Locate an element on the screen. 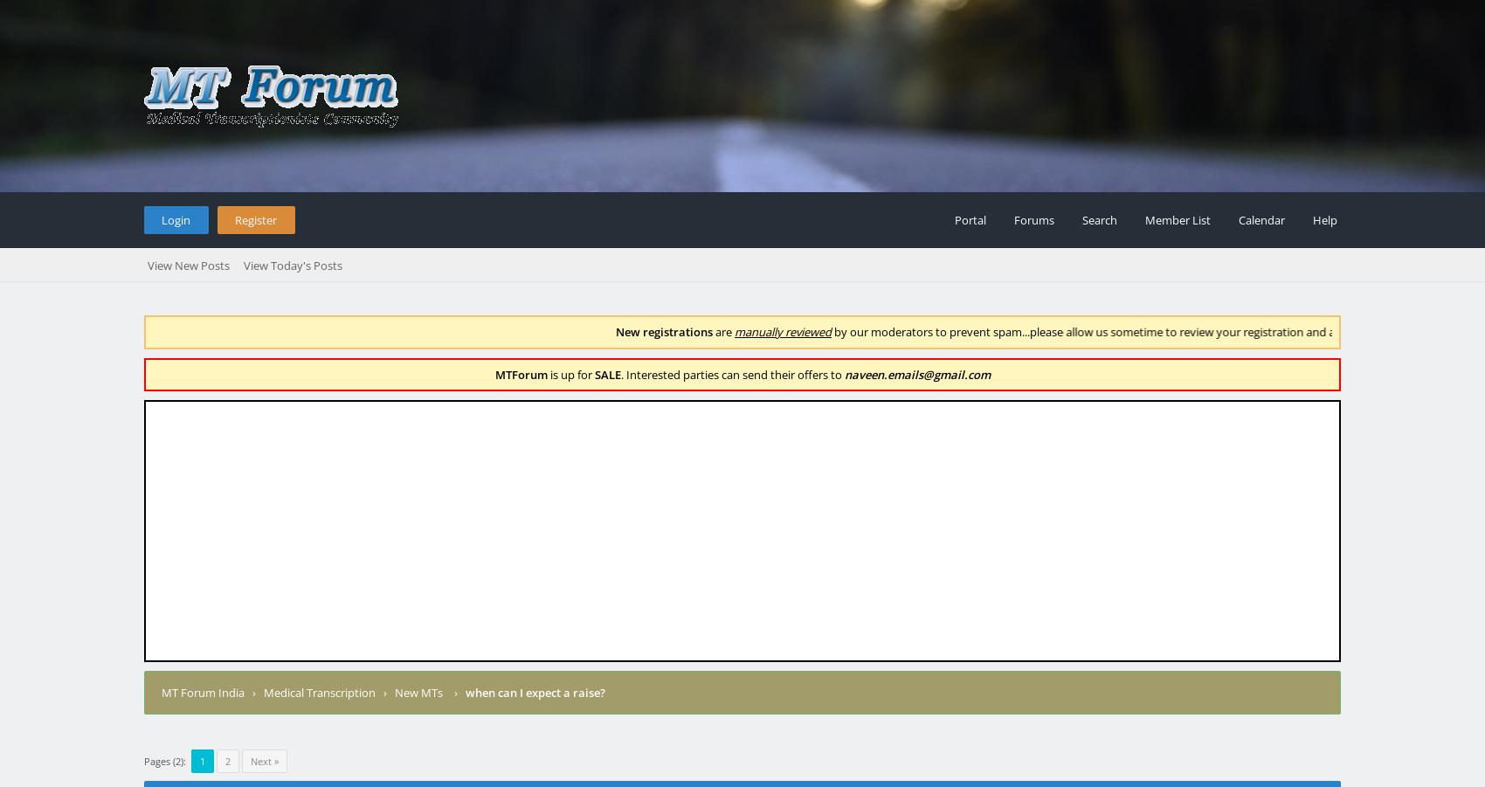 Image resolution: width=1485 pixels, height=787 pixels. 'when can I expect a raise?' is located at coordinates (535, 691).